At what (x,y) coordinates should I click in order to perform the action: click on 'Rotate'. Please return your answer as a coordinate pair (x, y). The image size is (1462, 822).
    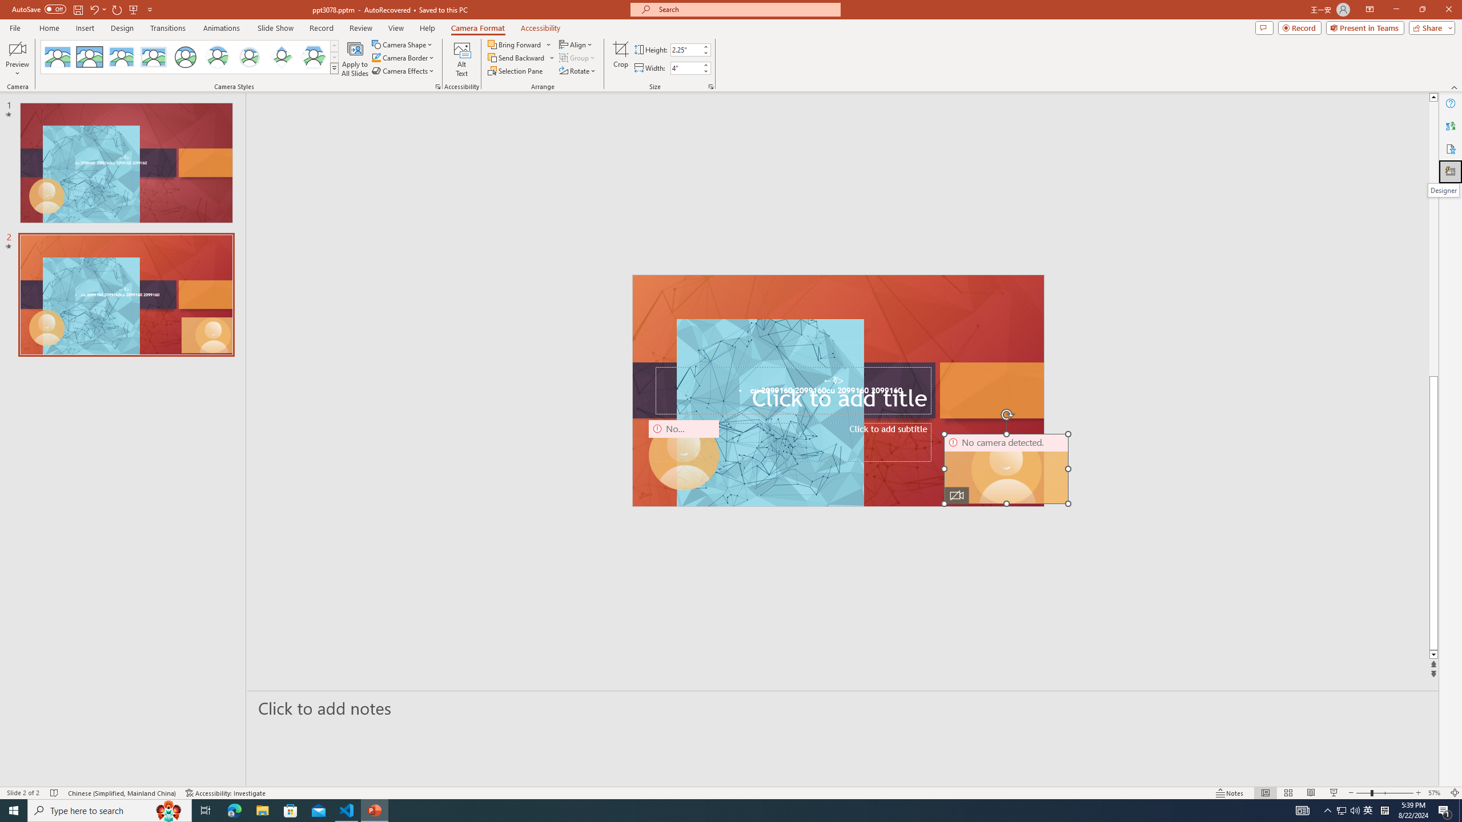
    Looking at the image, I should click on (577, 70).